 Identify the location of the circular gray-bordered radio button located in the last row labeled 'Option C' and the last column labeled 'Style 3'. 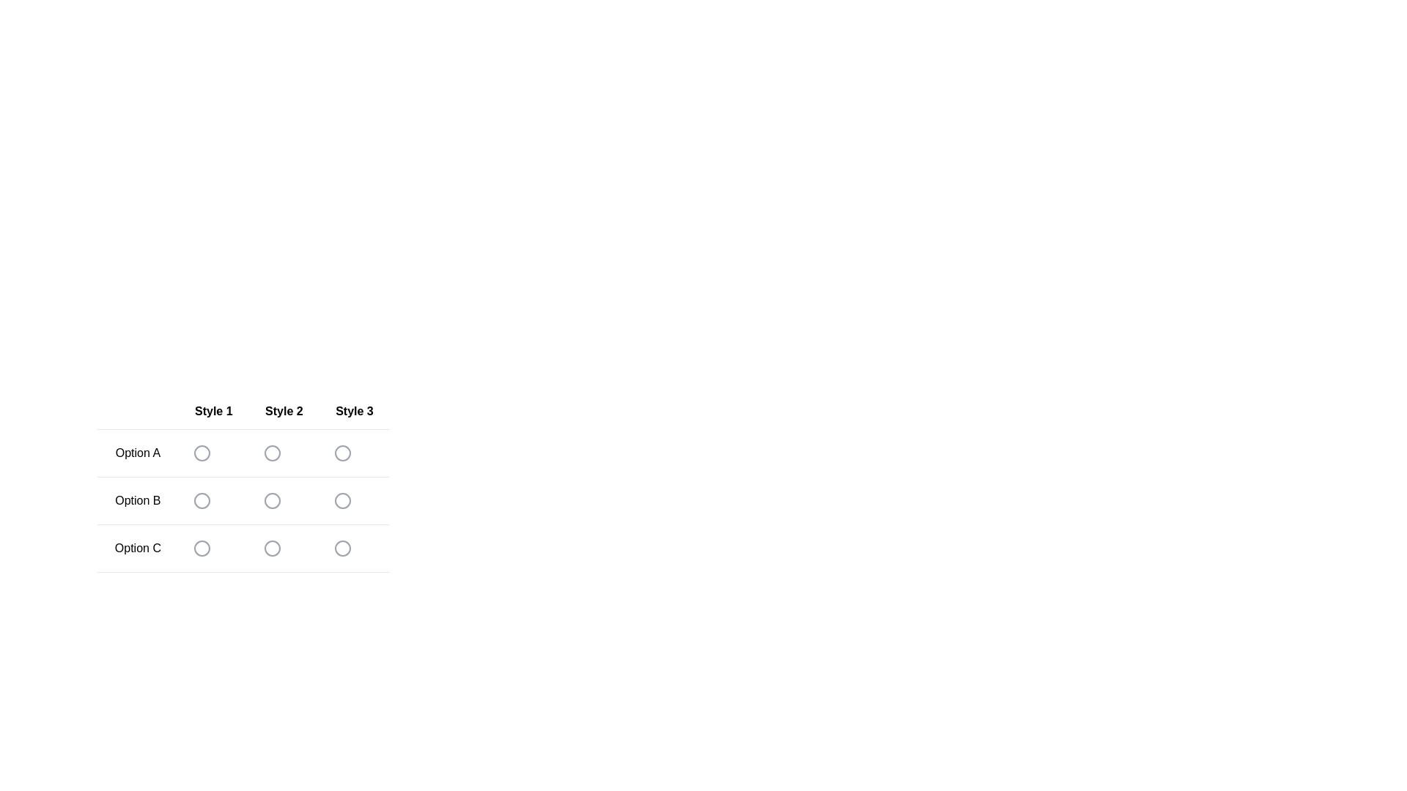
(341, 548).